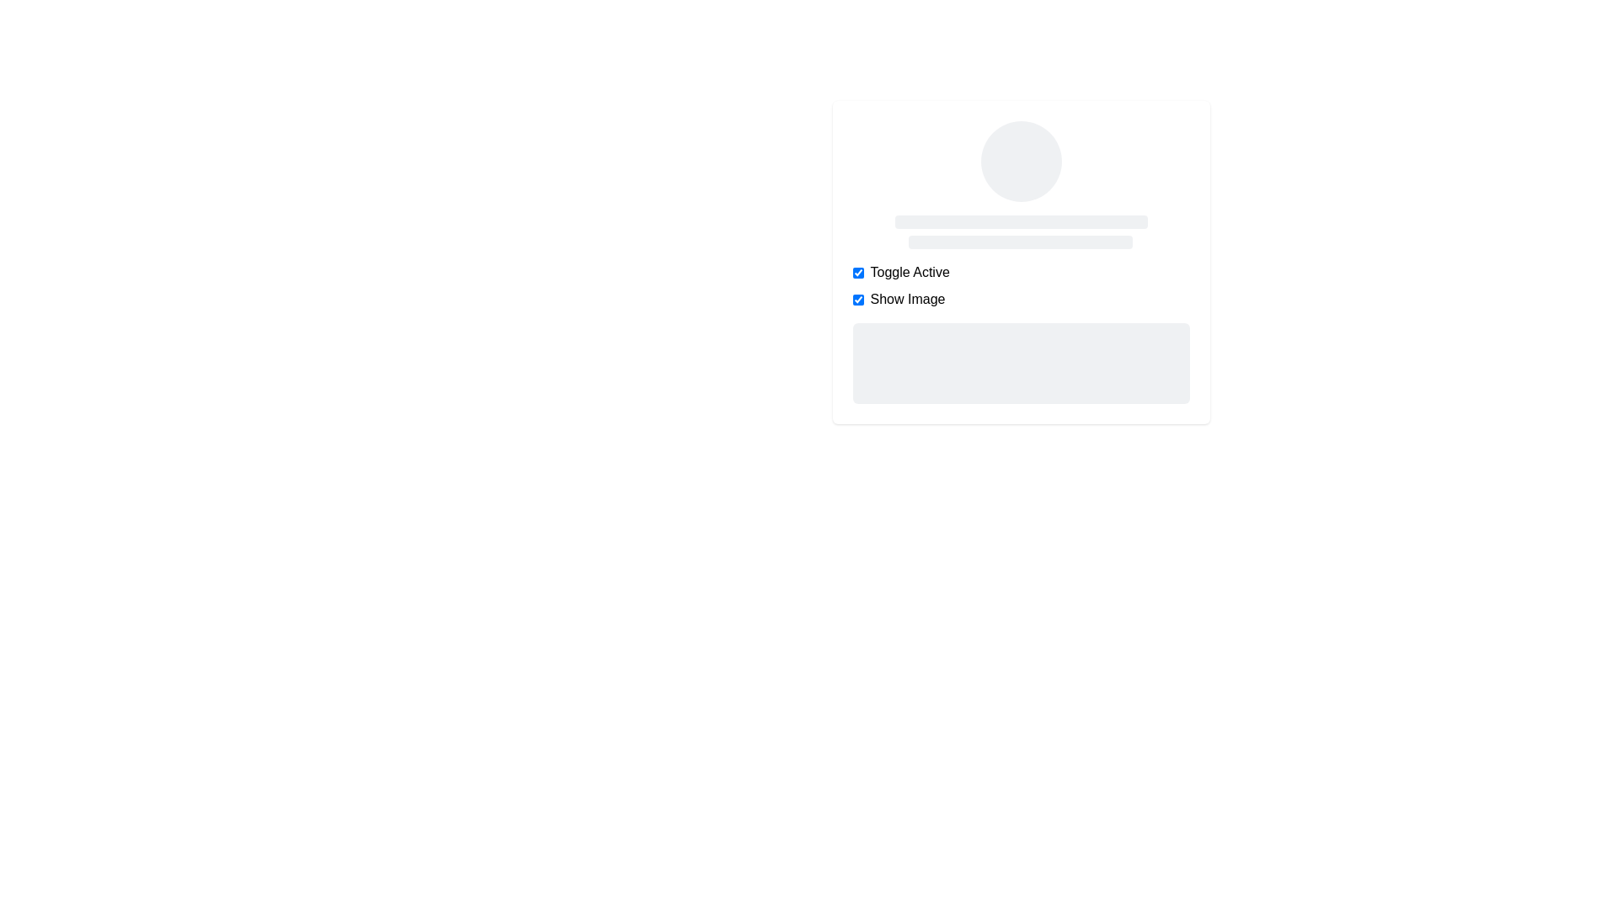 Image resolution: width=1617 pixels, height=909 pixels. What do you see at coordinates (909, 272) in the screenshot?
I see `the 'Toggle Active' label, which is a text label displayed in standard sans-serif font, positioned to the right of its sibling checkbox in the top right of the form` at bounding box center [909, 272].